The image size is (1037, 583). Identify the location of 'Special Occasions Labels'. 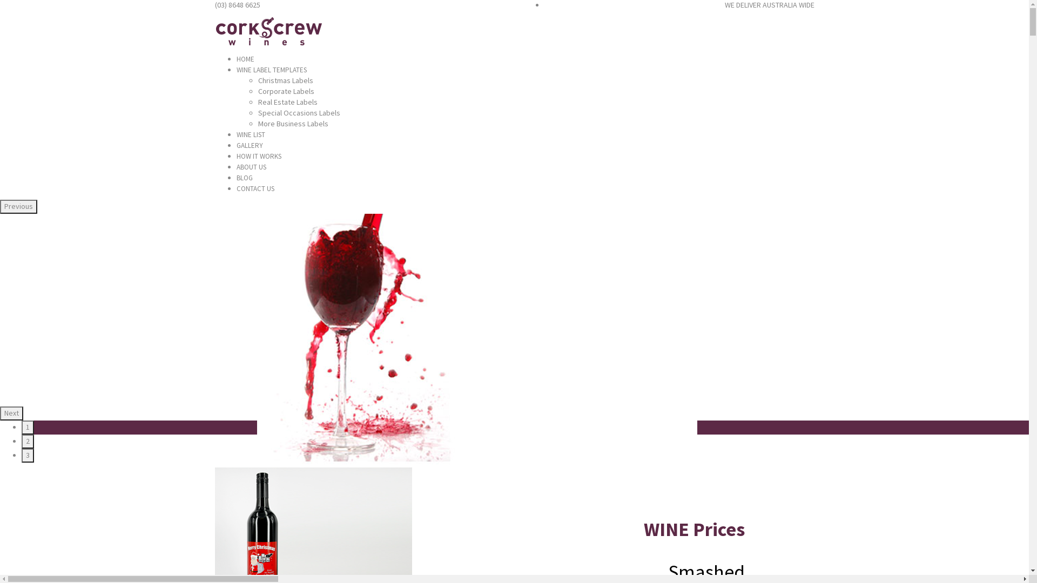
(299, 112).